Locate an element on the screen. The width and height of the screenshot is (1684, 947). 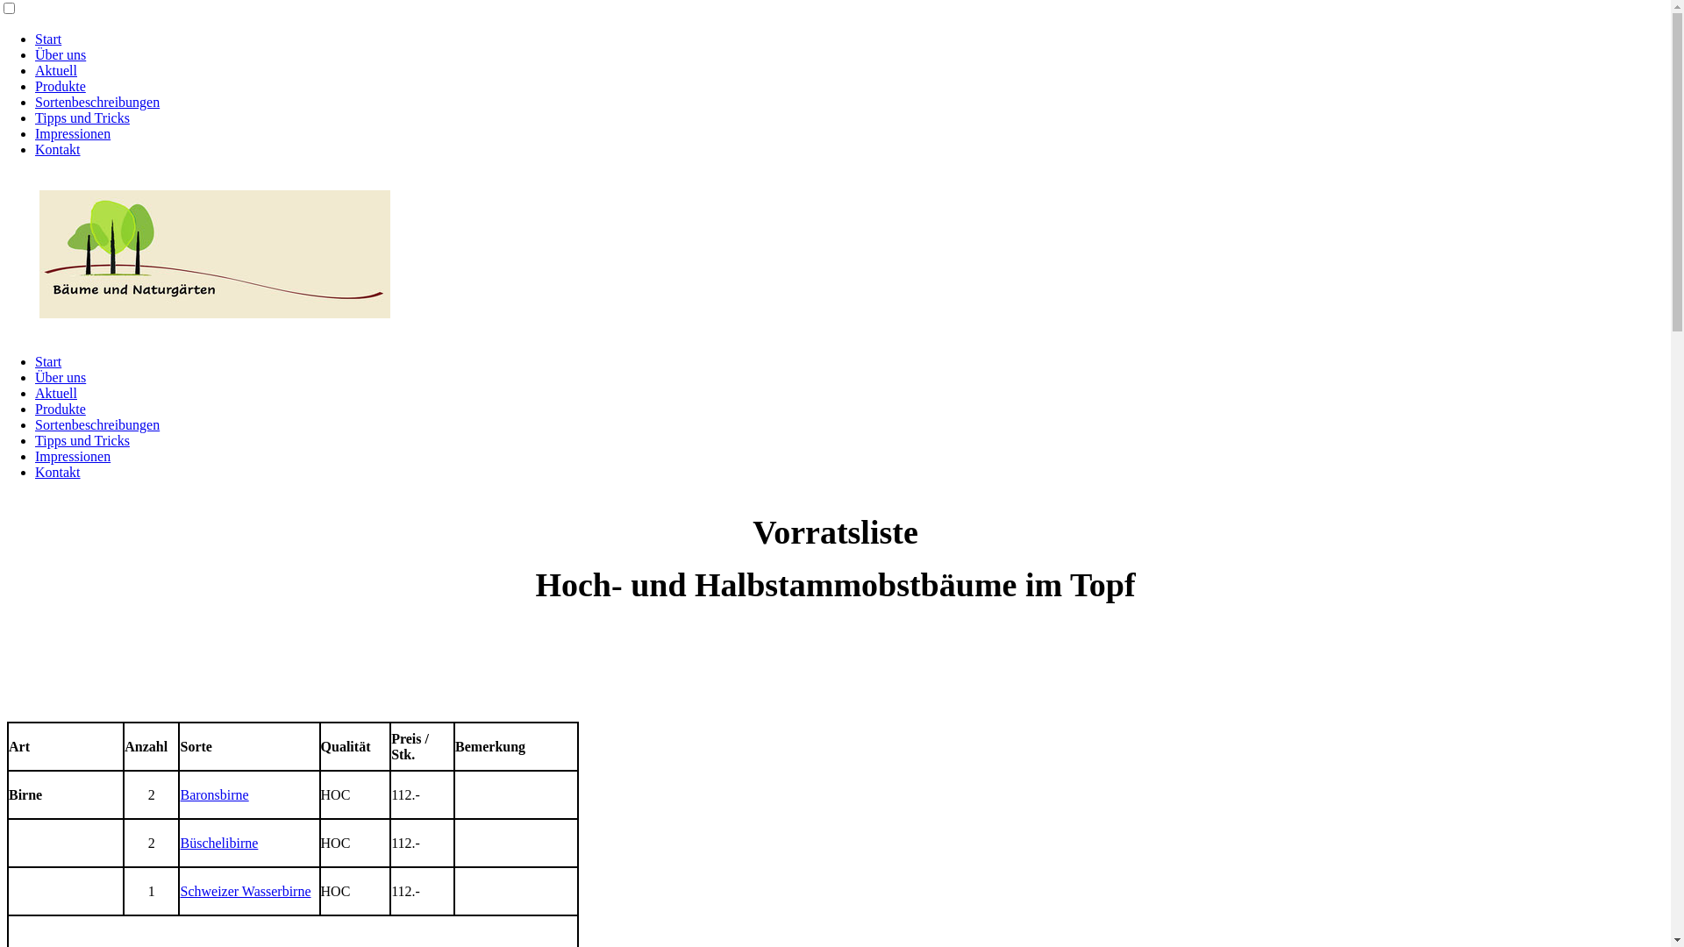
'Tipps und Tricks' is located at coordinates (82, 439).